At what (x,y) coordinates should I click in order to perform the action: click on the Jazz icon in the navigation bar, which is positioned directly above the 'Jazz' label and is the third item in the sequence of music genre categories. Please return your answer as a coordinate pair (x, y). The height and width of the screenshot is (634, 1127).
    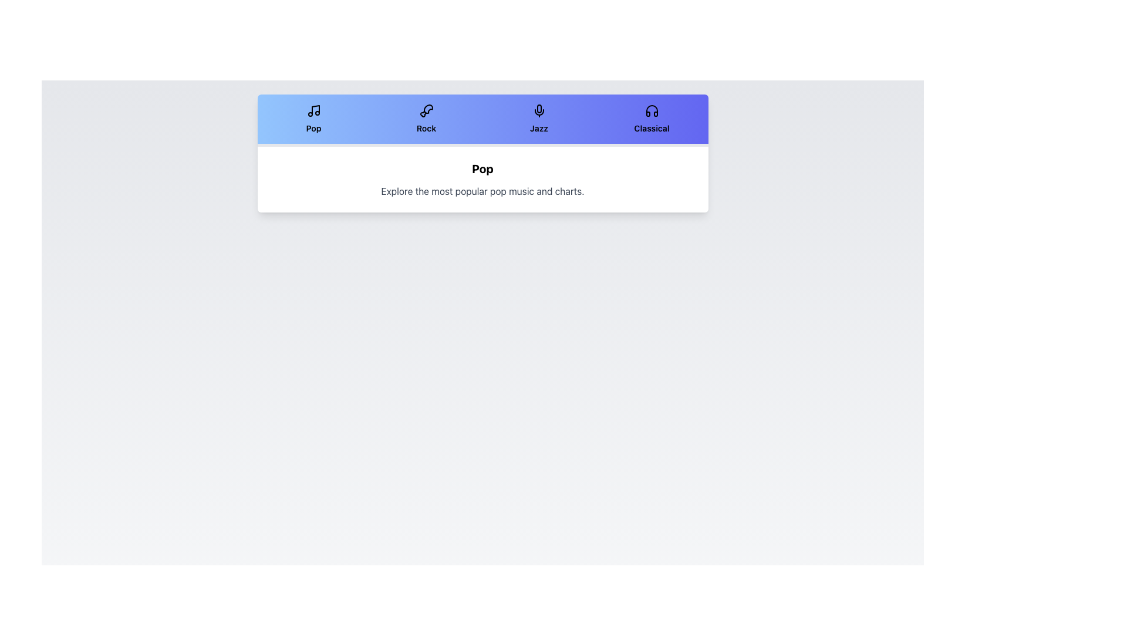
    Looking at the image, I should click on (538, 111).